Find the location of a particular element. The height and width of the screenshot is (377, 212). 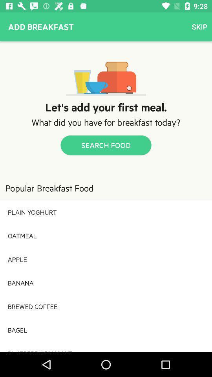

plain yoghurt icon is located at coordinates (106, 212).